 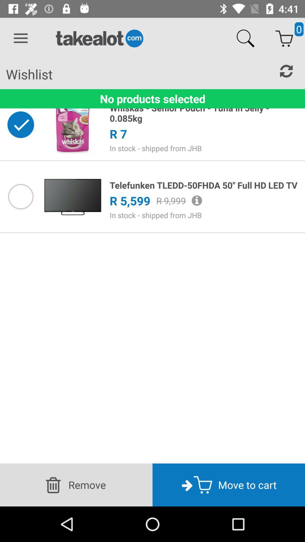 What do you see at coordinates (20, 196) in the screenshot?
I see `choose this product` at bounding box center [20, 196].